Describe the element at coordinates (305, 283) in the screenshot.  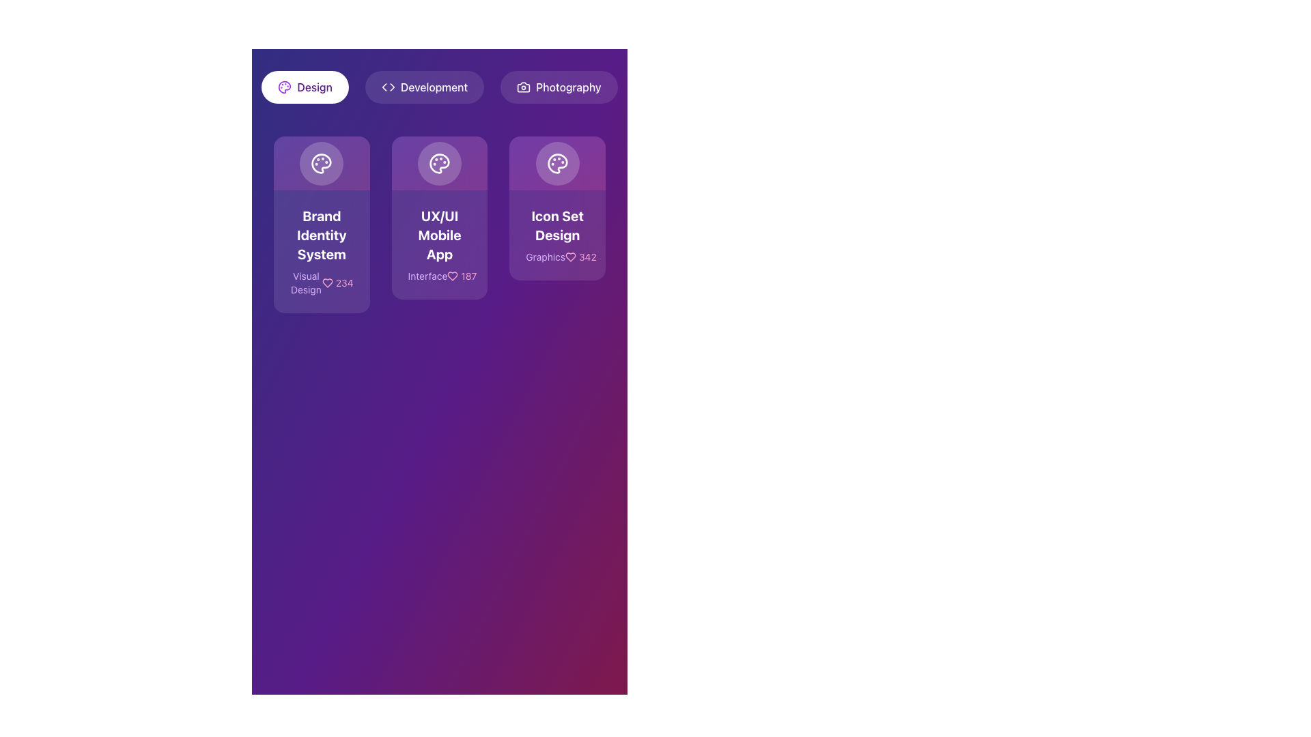
I see `text content of the descriptive label located at the lower part of the 'Brand Identity System' card, positioned above the like counter and heart icon` at that location.